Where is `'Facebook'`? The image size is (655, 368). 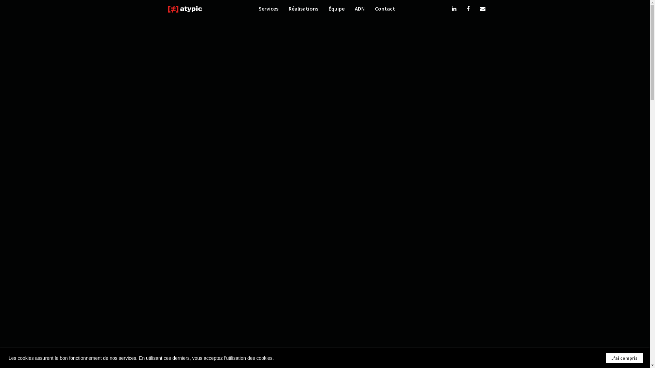
'Facebook' is located at coordinates (468, 9).